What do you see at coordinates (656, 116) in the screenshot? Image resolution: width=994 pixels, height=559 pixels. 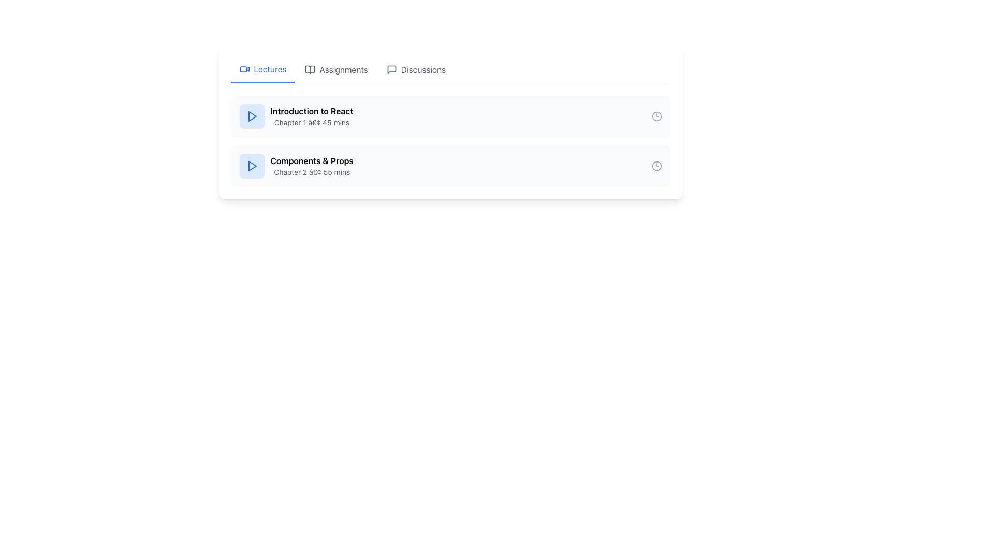 I see `the icon indicating the duration of the lecture or session, located at the far right of the row with the text 'Introduction to React Chapter 1 • 45 mins'` at bounding box center [656, 116].